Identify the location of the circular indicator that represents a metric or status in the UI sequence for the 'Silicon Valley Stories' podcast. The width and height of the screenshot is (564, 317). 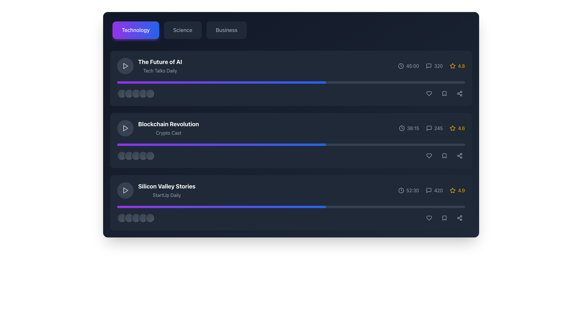
(135, 218).